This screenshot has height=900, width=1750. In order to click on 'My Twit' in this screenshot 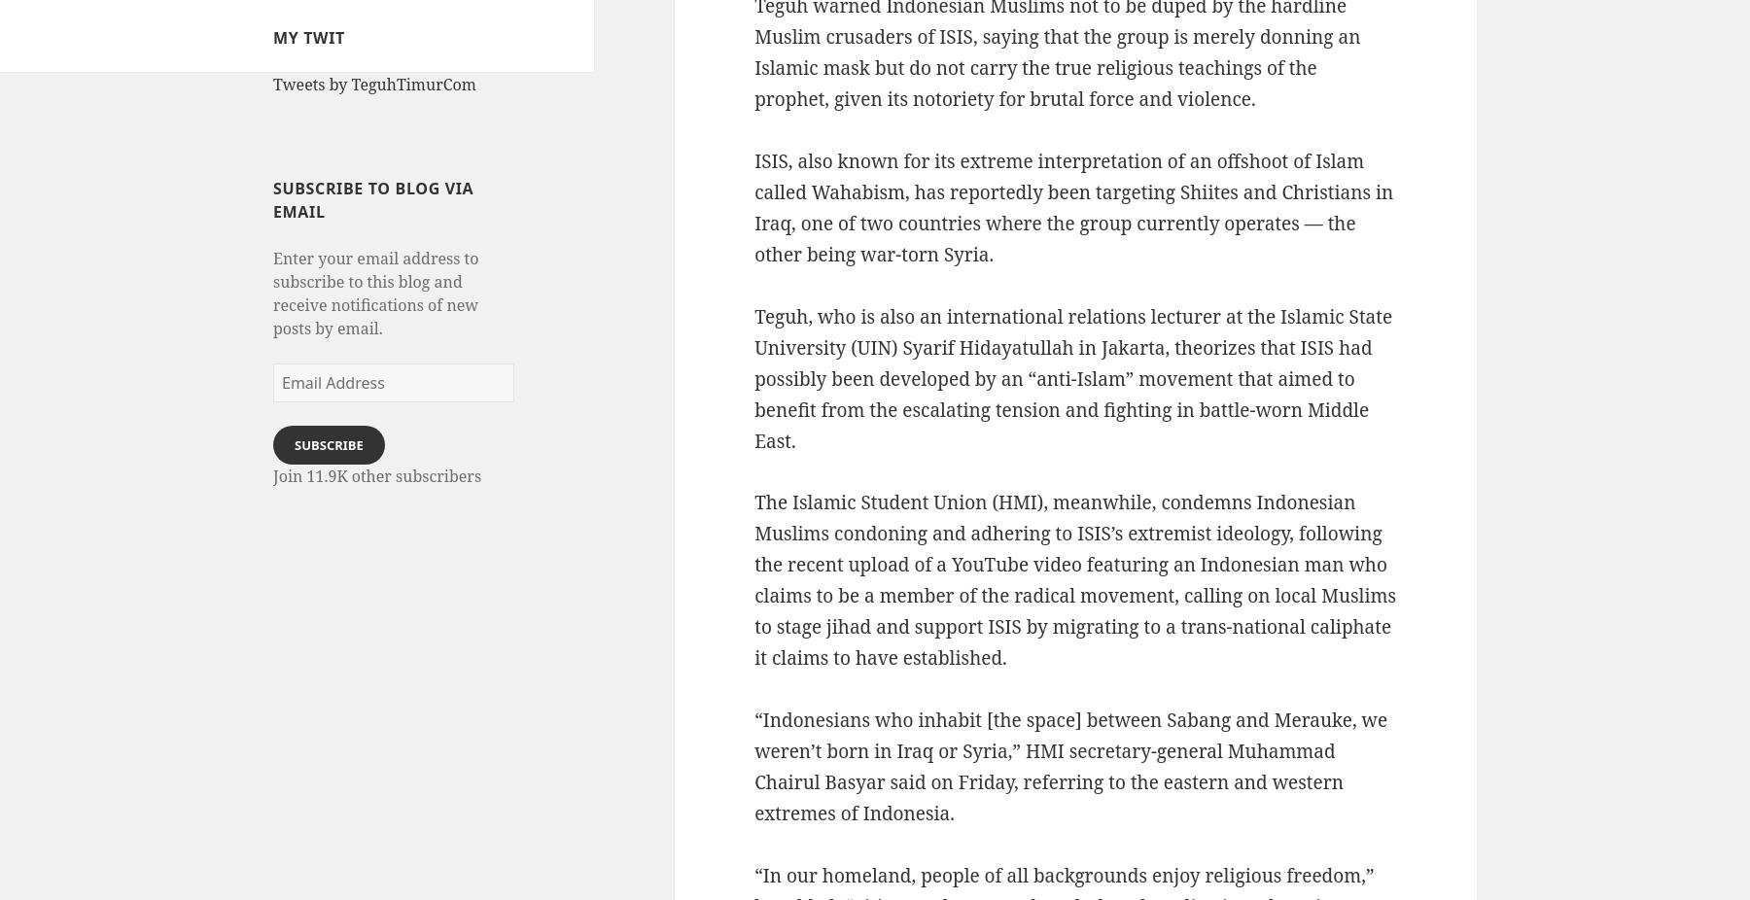, I will do `click(307, 36)`.